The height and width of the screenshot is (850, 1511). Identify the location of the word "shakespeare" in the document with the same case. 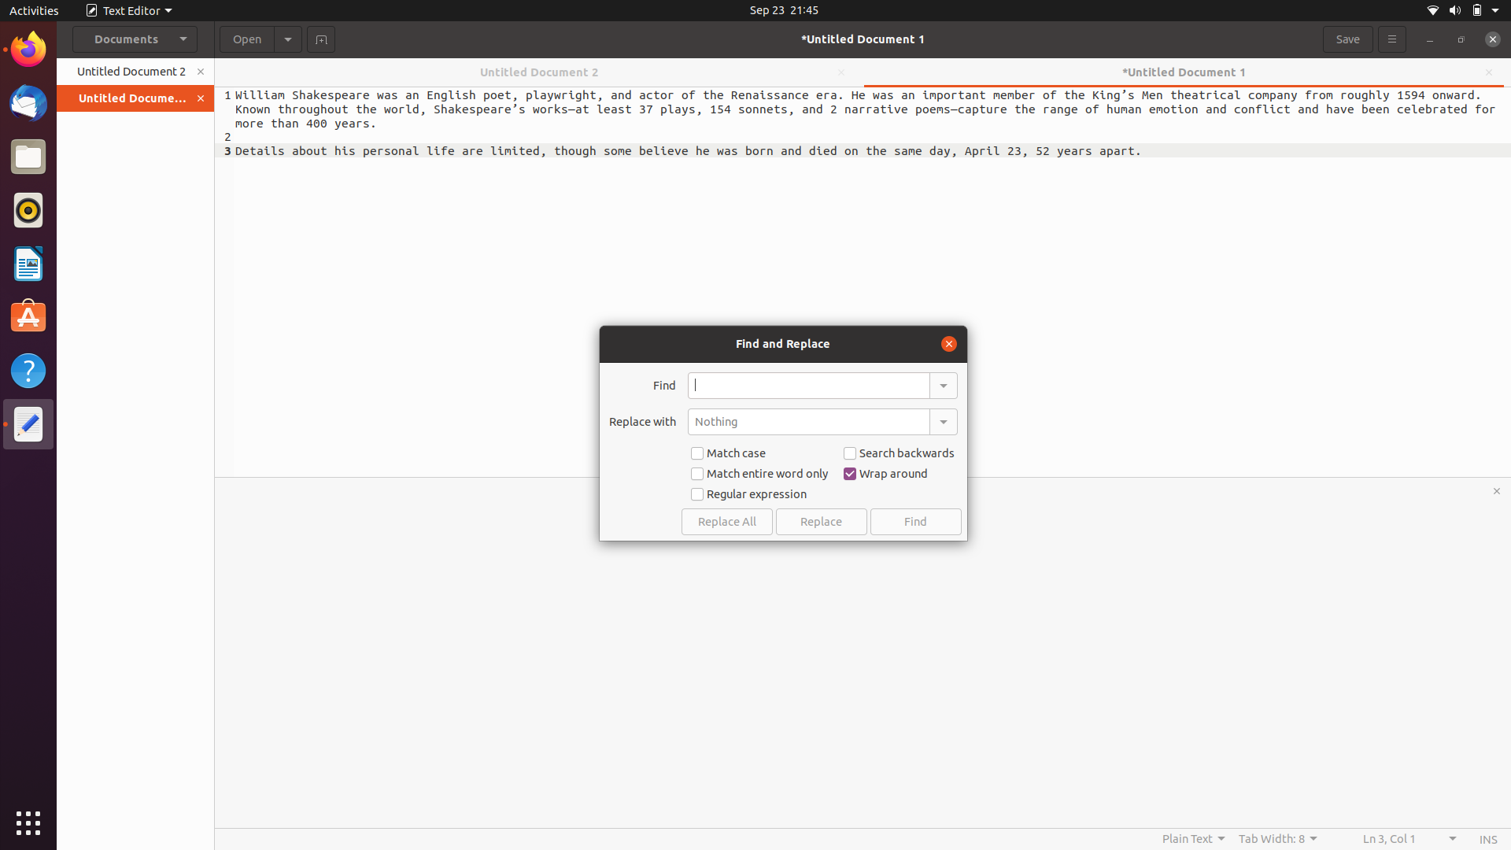
(808, 385).